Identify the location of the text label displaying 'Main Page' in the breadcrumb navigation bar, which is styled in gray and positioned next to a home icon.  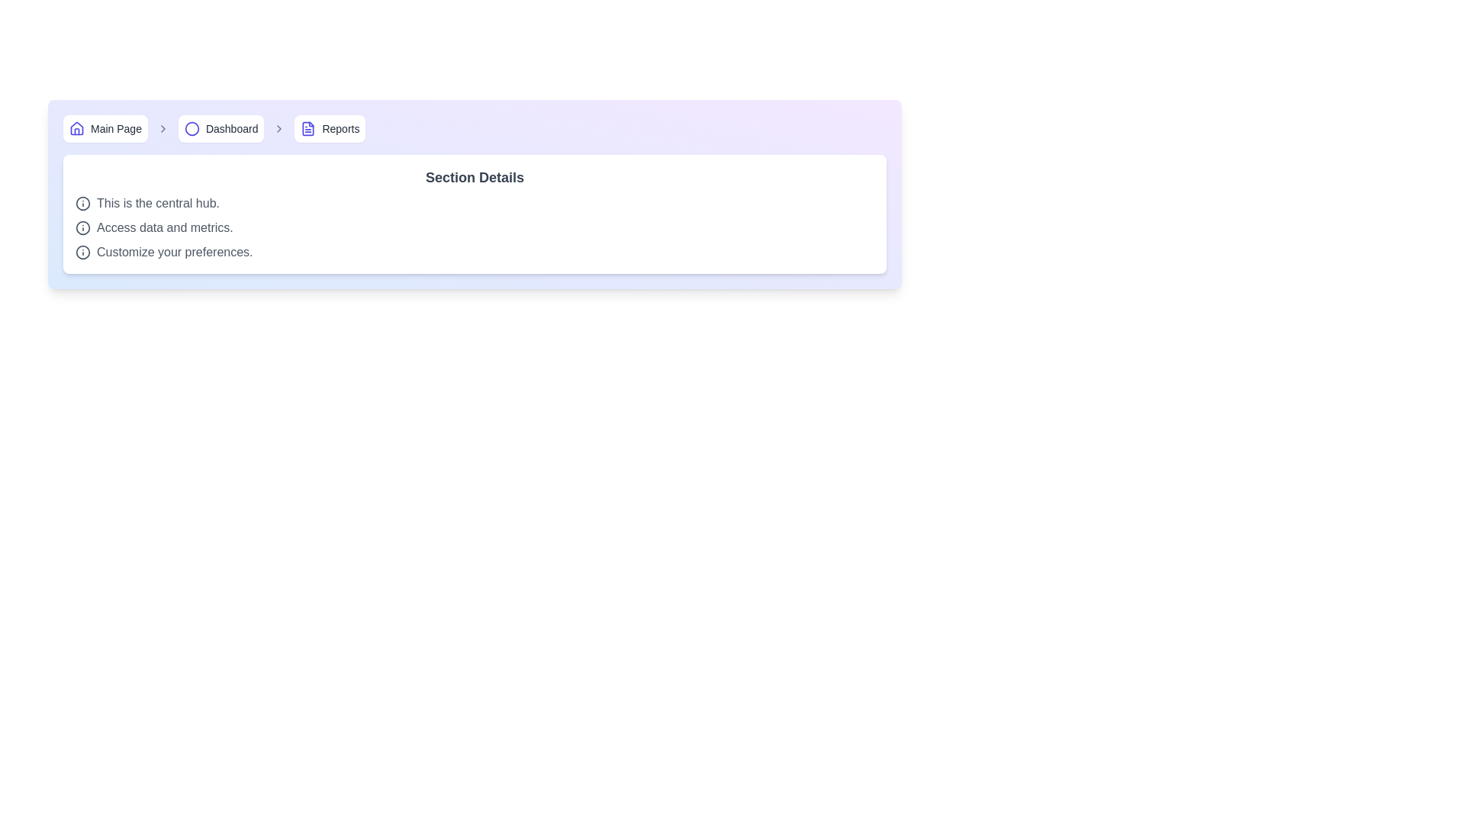
(115, 128).